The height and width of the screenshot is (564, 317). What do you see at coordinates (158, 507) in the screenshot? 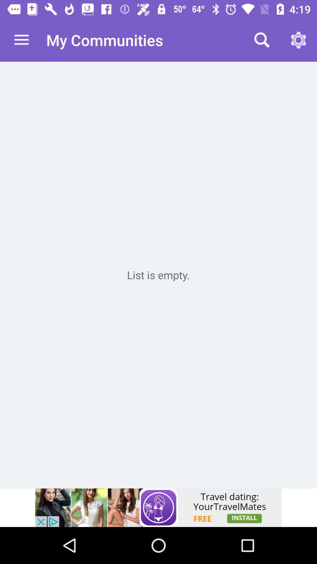
I see `opens the advertisement` at bounding box center [158, 507].